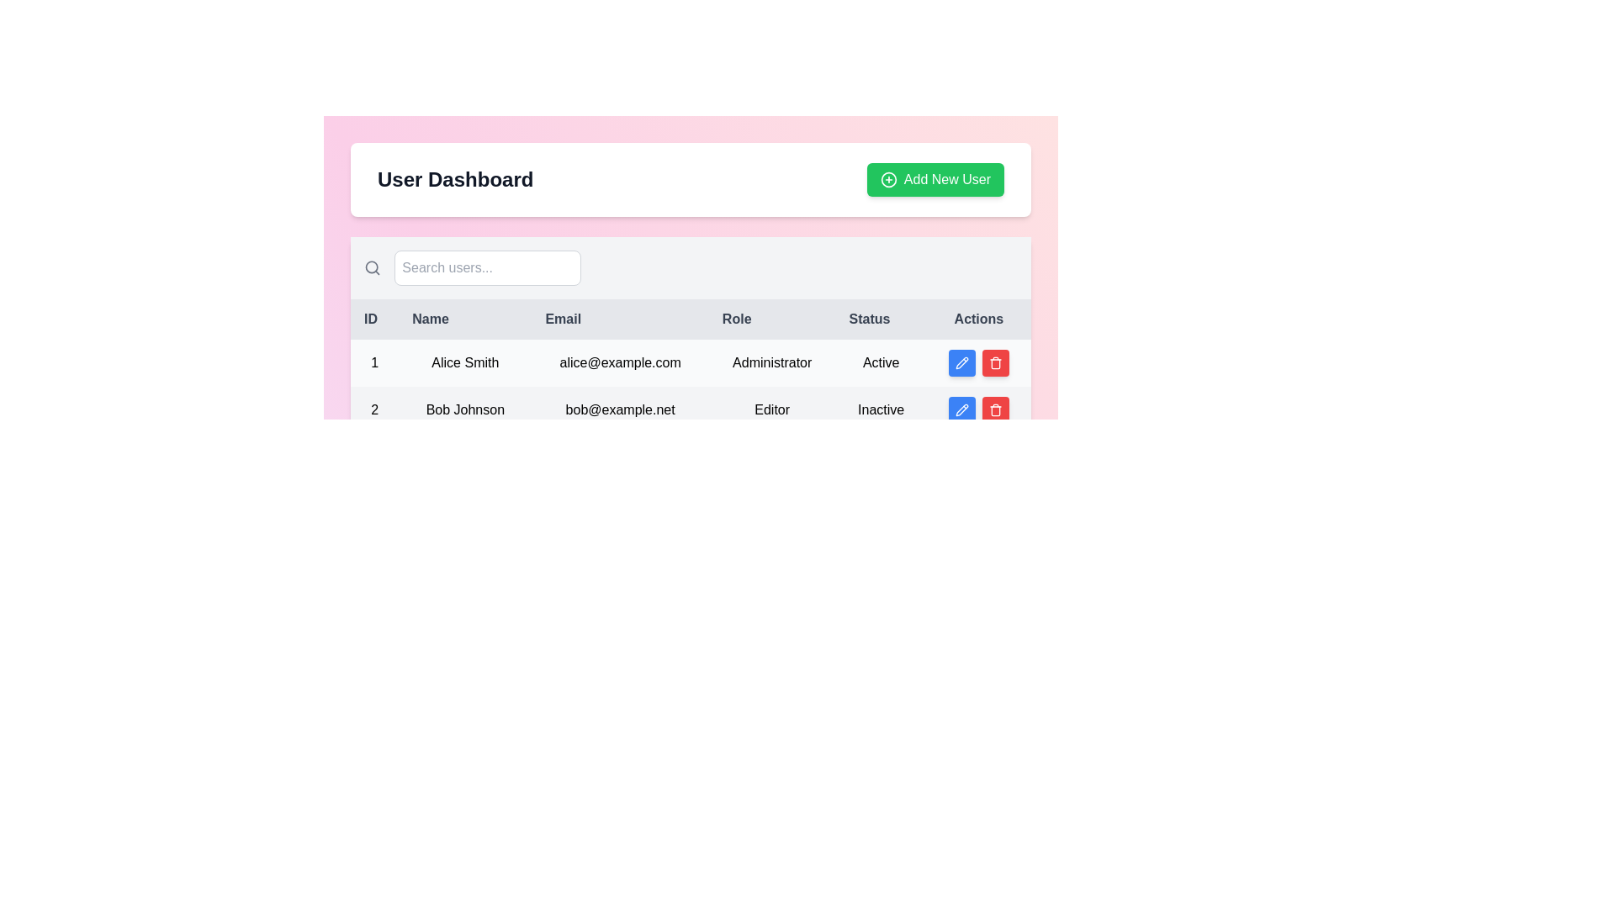 Image resolution: width=1615 pixels, height=908 pixels. What do you see at coordinates (961, 362) in the screenshot?
I see `the edit button located in the 'Actions' column of the first row of the user table to initiate editing of the user details` at bounding box center [961, 362].